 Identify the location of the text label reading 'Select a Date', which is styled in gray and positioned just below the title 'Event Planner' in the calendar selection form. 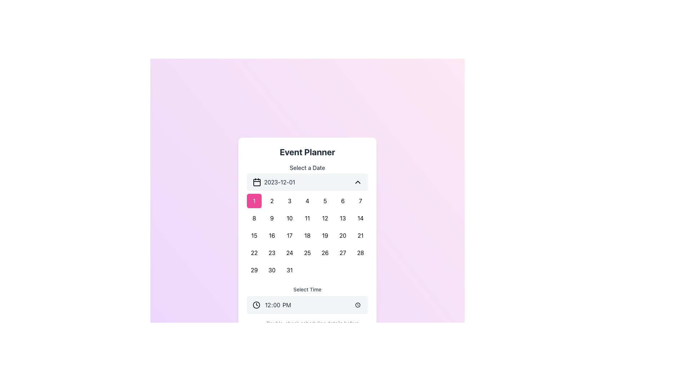
(307, 168).